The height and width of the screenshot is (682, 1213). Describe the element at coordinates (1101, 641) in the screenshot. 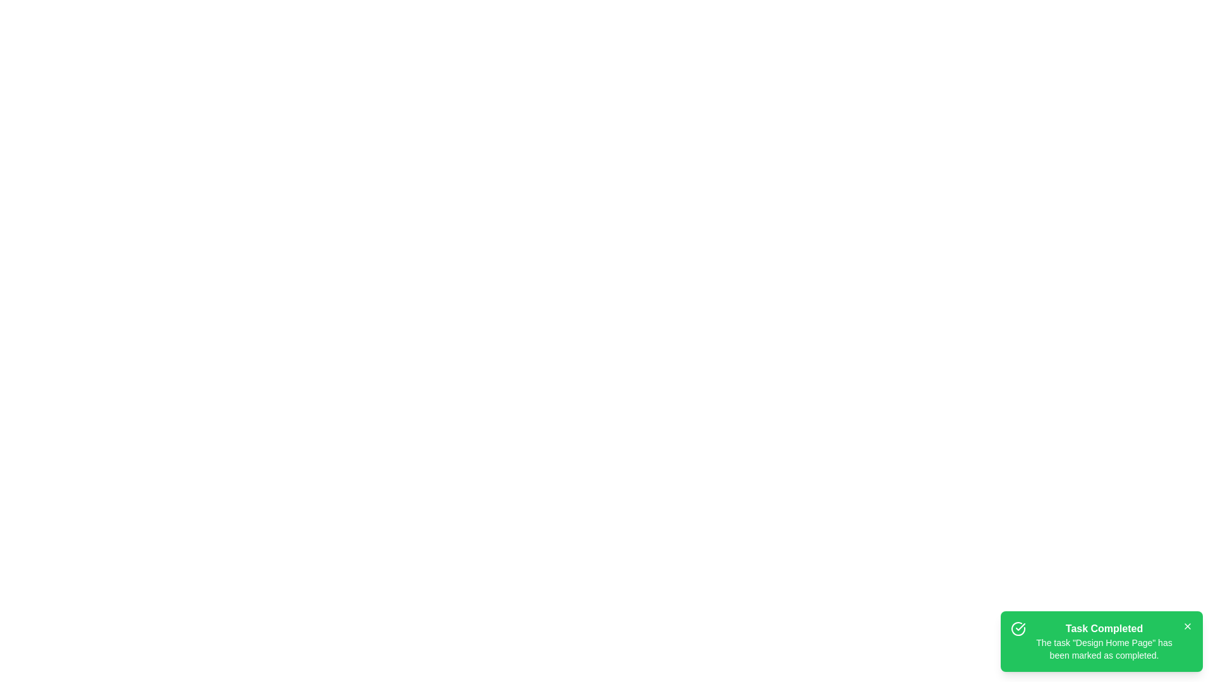

I see `the snackbar to focus on it` at that location.